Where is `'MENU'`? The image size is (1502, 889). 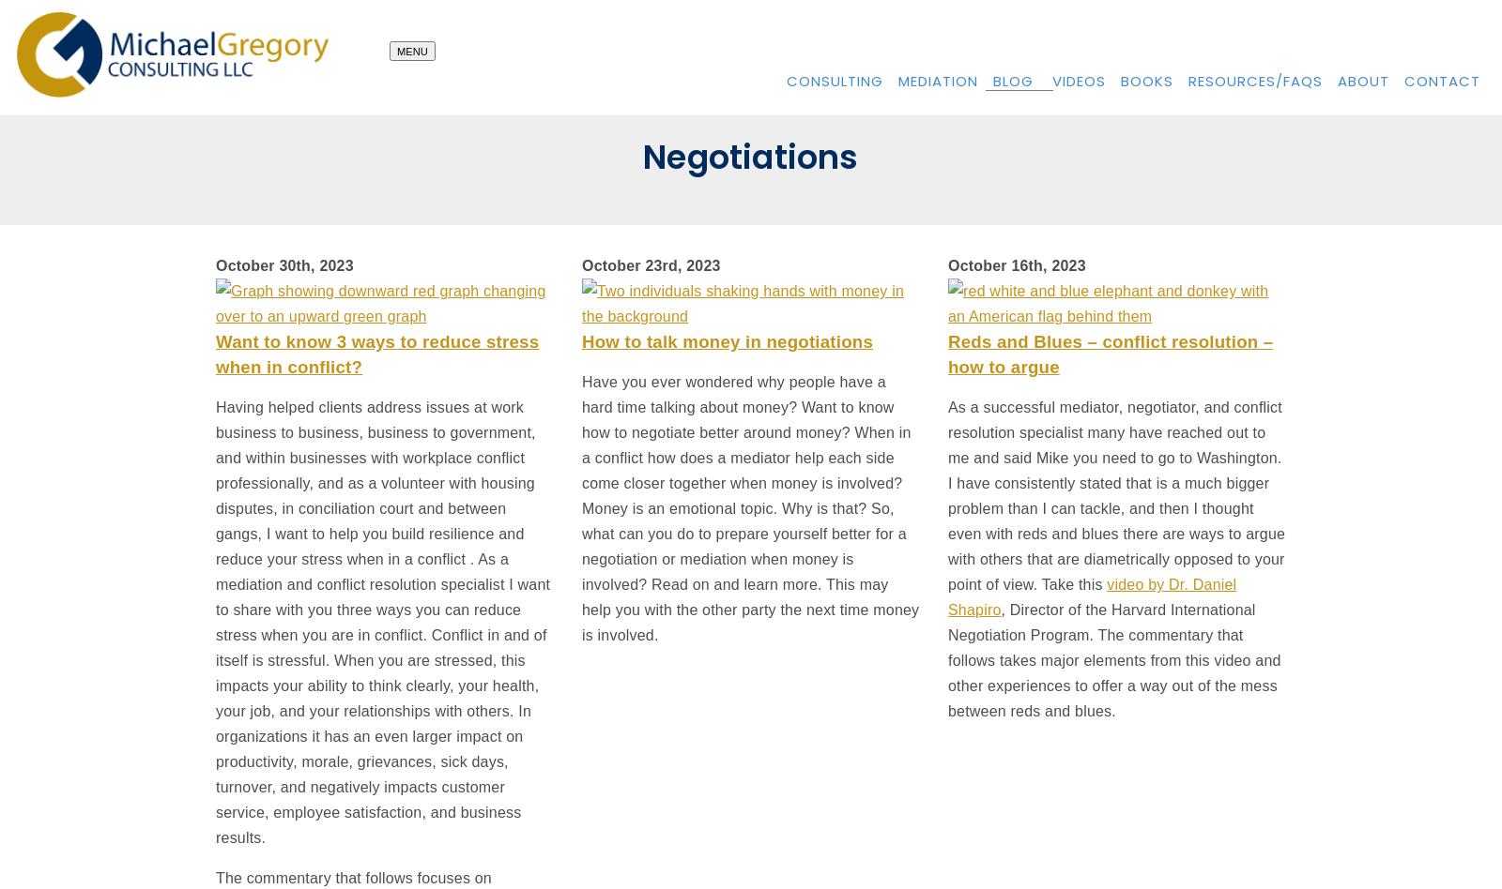
'MENU' is located at coordinates (411, 51).